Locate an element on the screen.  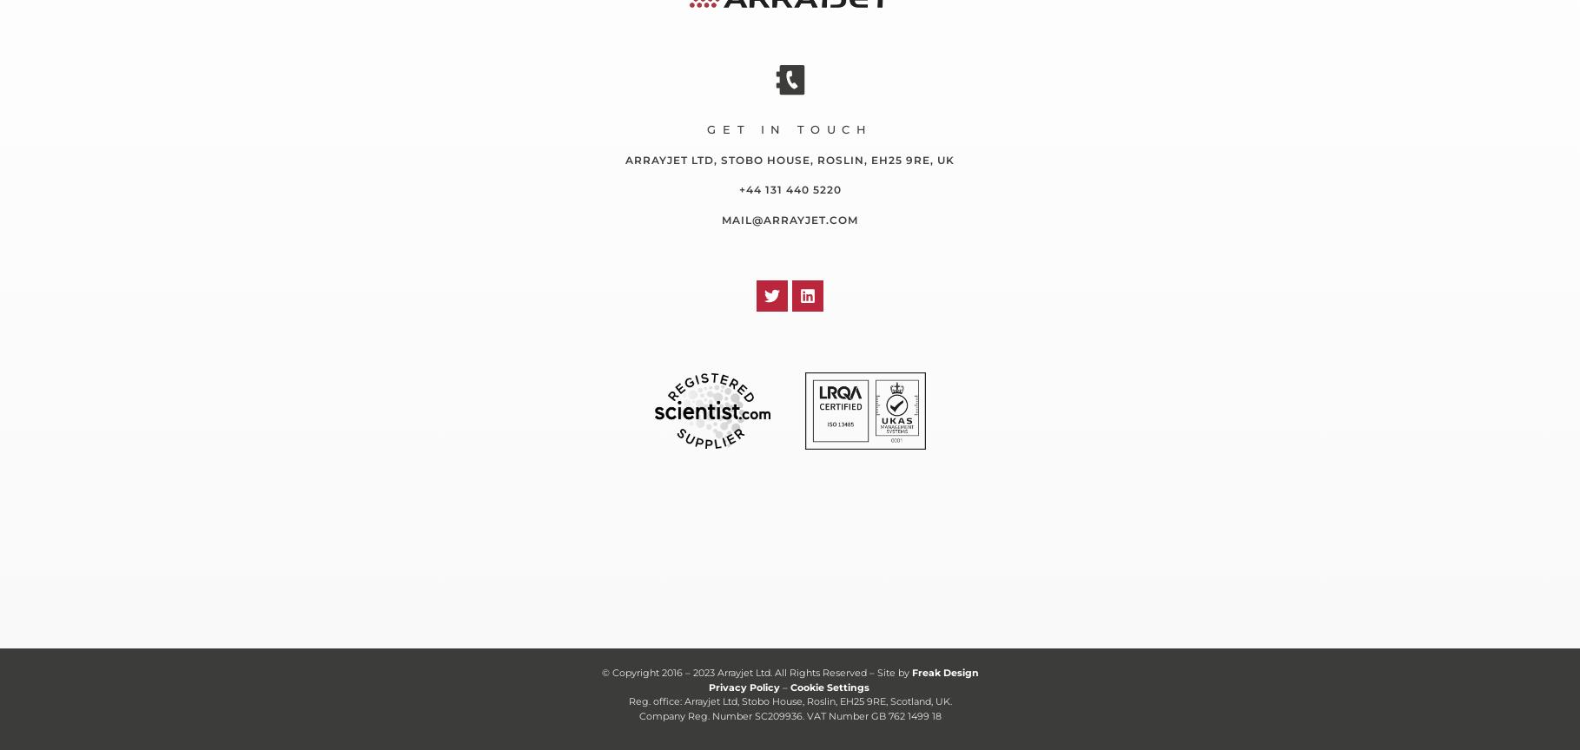
'Freak Design' is located at coordinates (943, 672).